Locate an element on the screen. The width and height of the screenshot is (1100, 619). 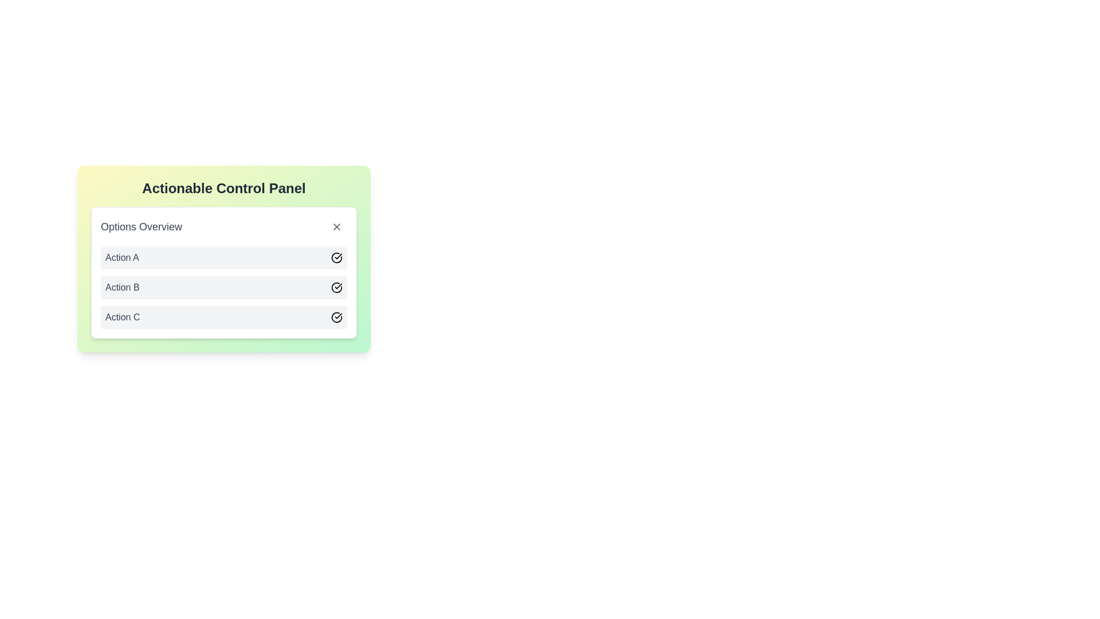
the text label 'Action B' is located at coordinates (122, 287).